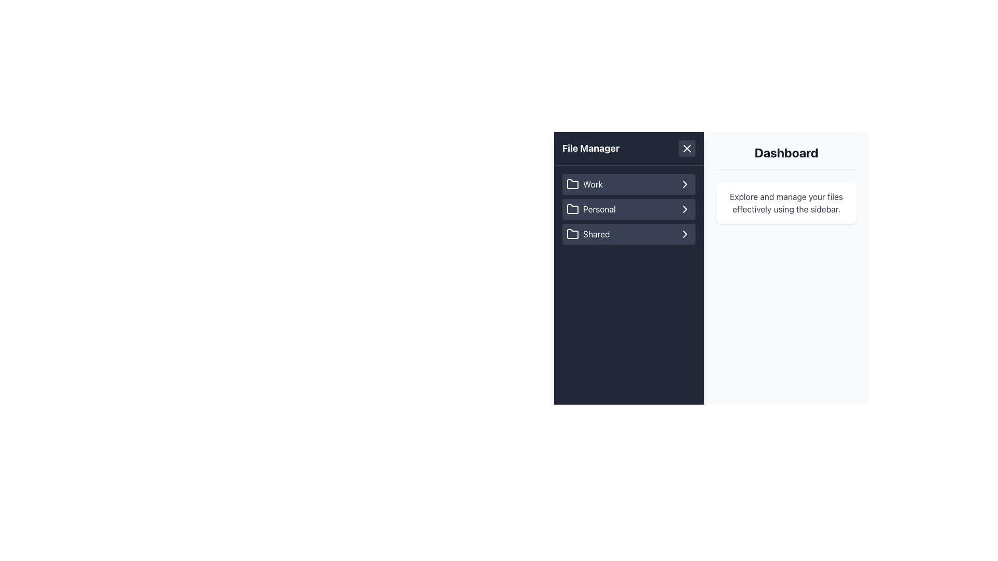 The height and width of the screenshot is (561, 998). What do you see at coordinates (591, 209) in the screenshot?
I see `the 'Personal' navigation link in the sidebar, which consists of the text 'Personal' and a folder icon` at bounding box center [591, 209].